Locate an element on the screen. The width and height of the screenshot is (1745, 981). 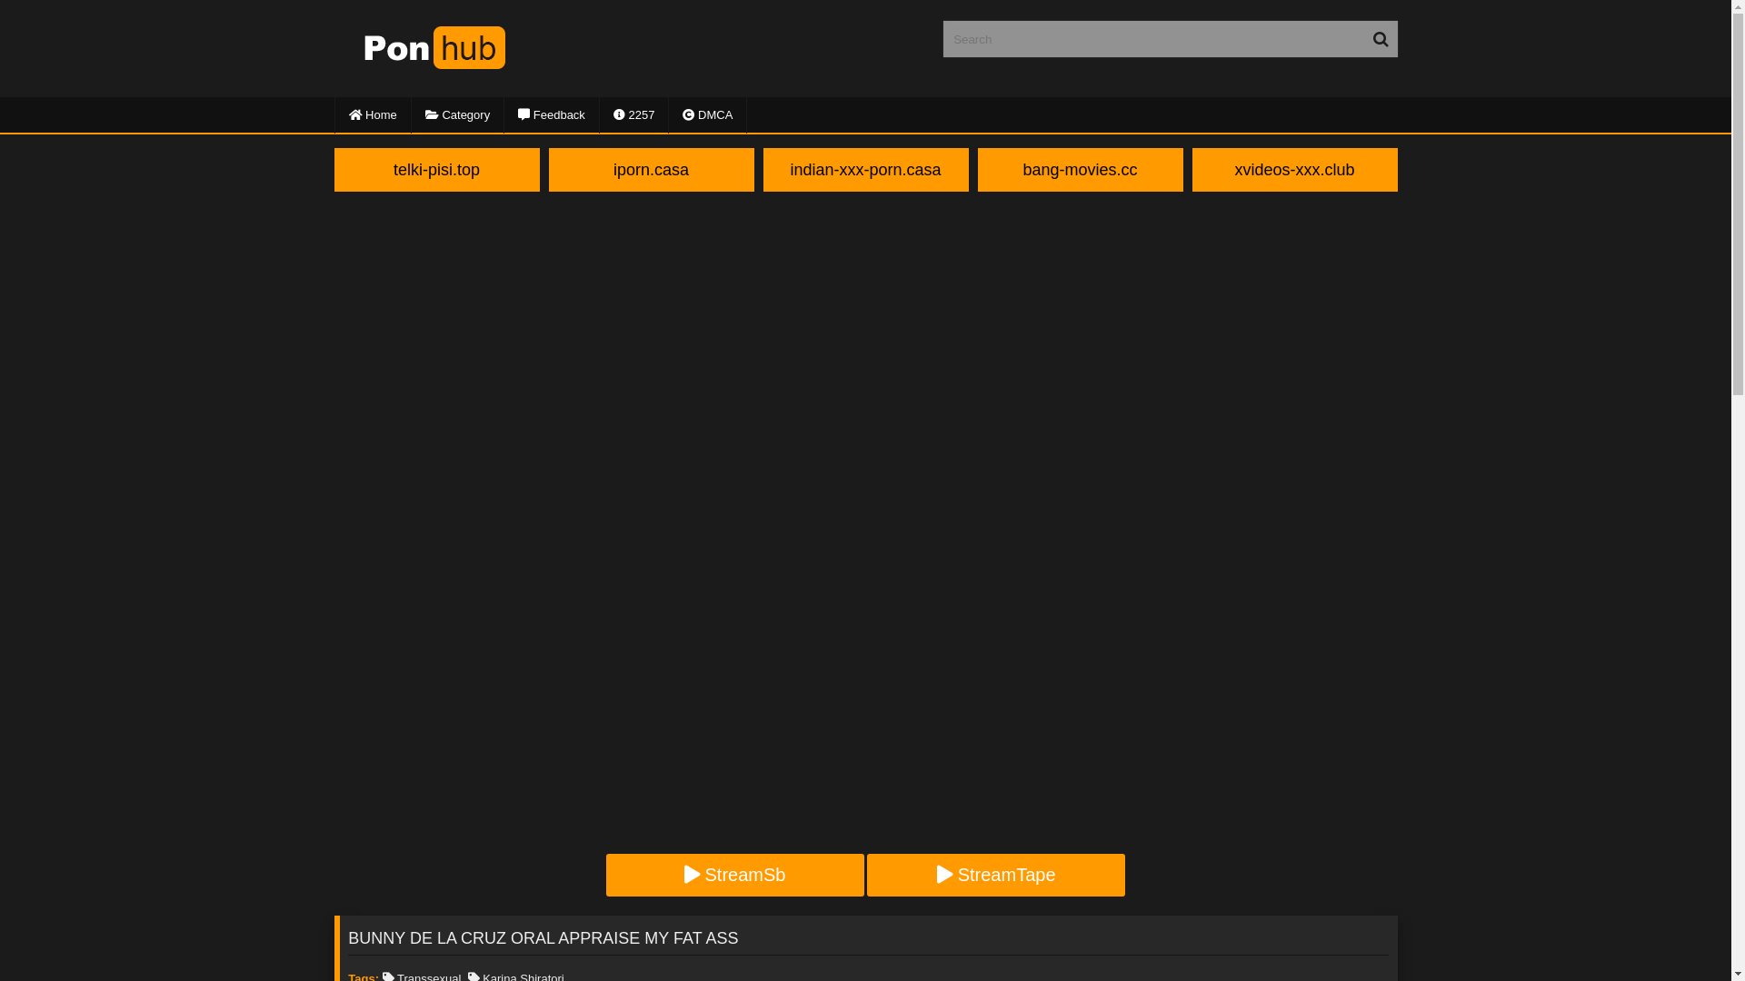
'Category' is located at coordinates (458, 114).